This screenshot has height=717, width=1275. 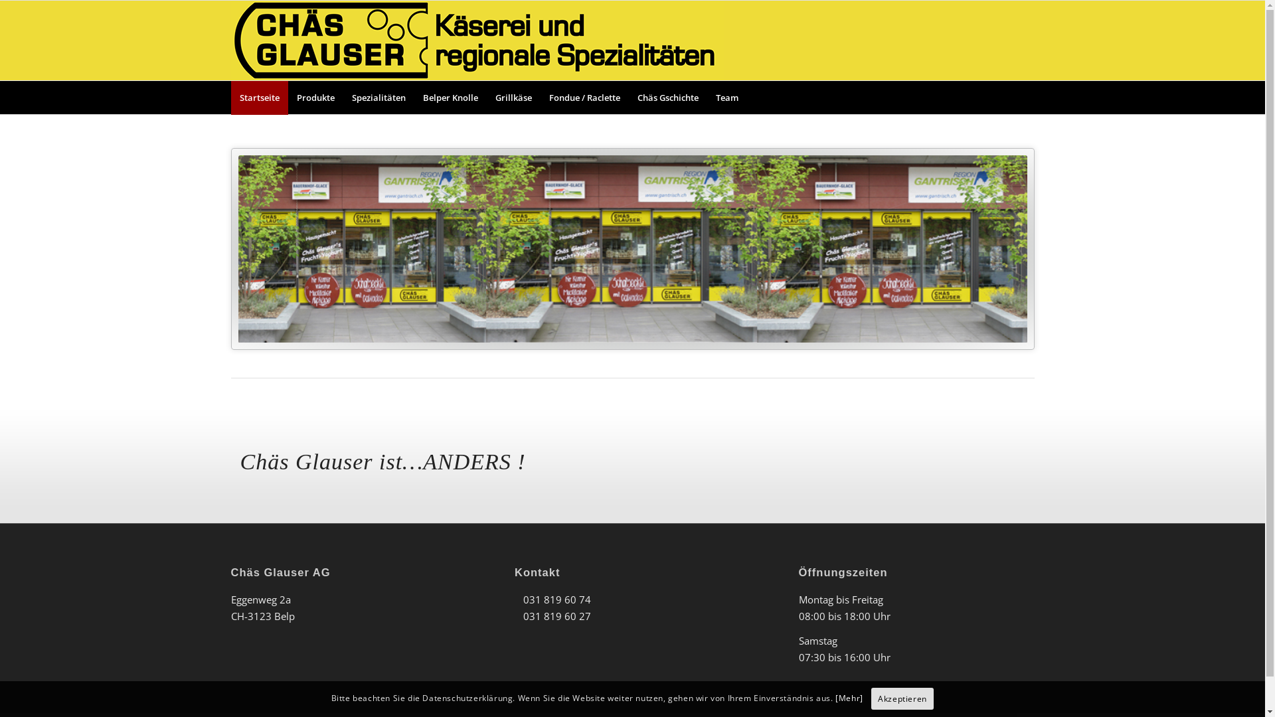 I want to click on '[Mehr]', so click(x=834, y=698).